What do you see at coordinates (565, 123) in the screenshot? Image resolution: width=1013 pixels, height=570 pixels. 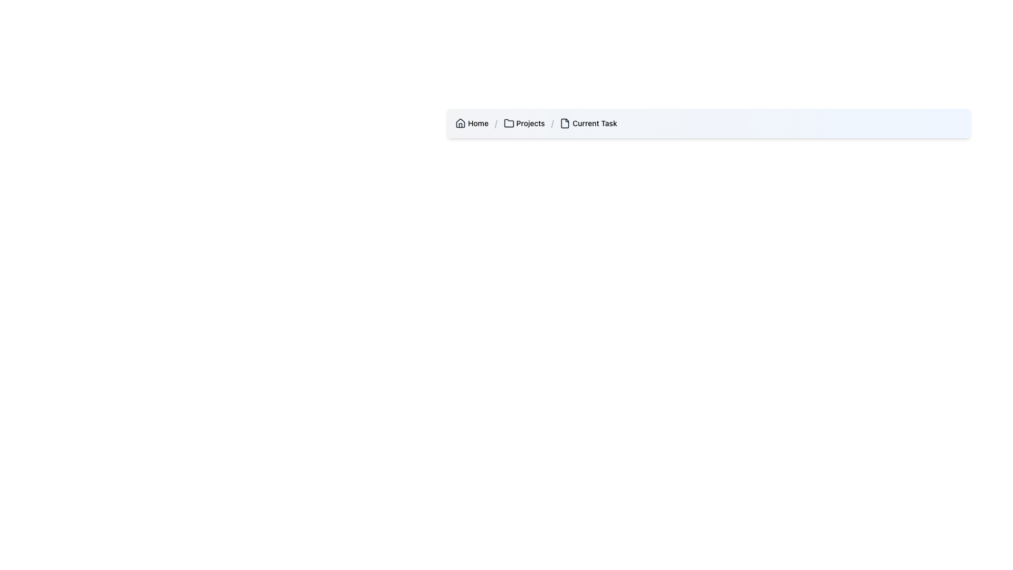 I see `the file/document icon in the breadcrumb navigation` at bounding box center [565, 123].